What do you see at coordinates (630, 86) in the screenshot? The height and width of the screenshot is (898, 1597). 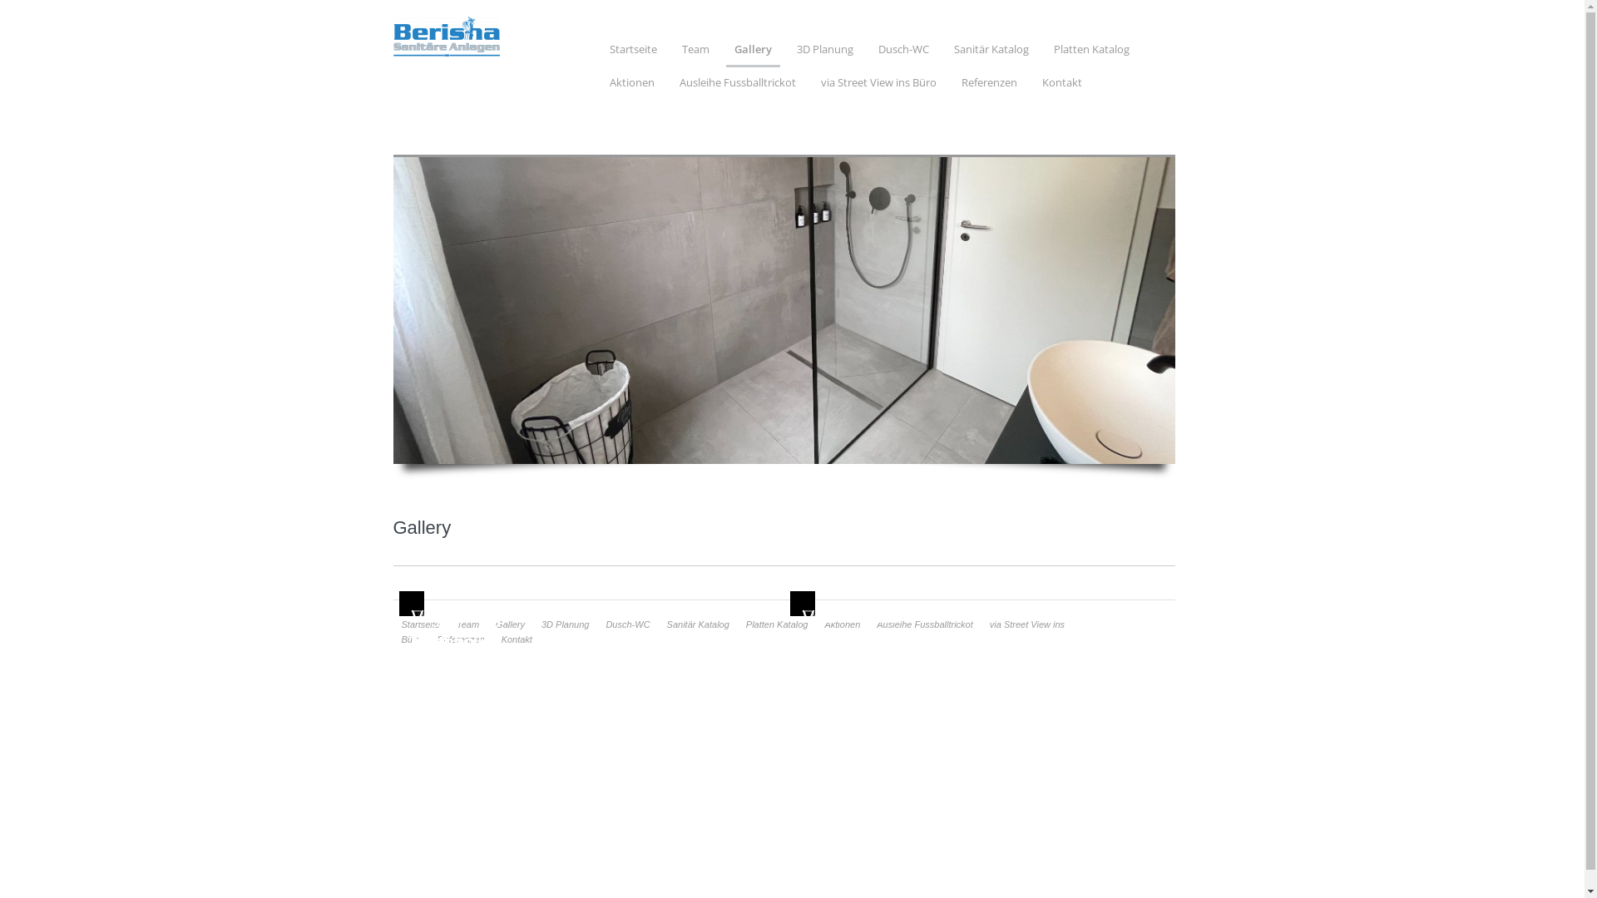 I see `'Aktionen'` at bounding box center [630, 86].